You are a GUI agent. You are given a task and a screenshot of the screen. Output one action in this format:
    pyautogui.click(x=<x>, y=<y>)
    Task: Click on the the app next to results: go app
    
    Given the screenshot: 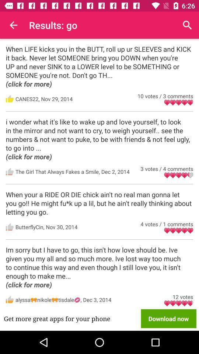 What is the action you would take?
    pyautogui.click(x=187, y=25)
    